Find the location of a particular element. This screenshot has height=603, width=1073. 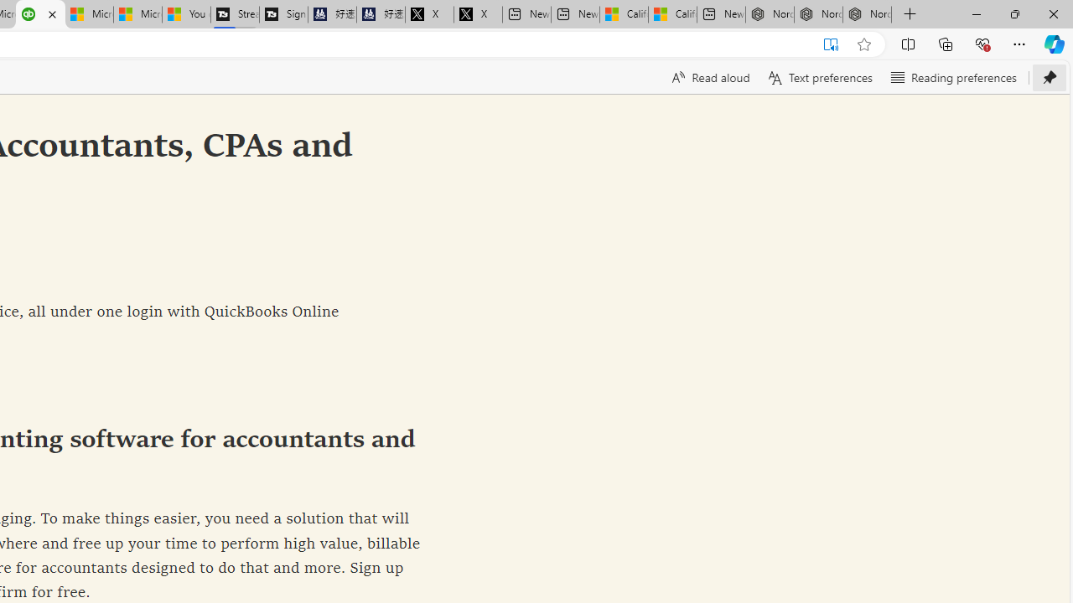

'Text preferences' is located at coordinates (819, 77).